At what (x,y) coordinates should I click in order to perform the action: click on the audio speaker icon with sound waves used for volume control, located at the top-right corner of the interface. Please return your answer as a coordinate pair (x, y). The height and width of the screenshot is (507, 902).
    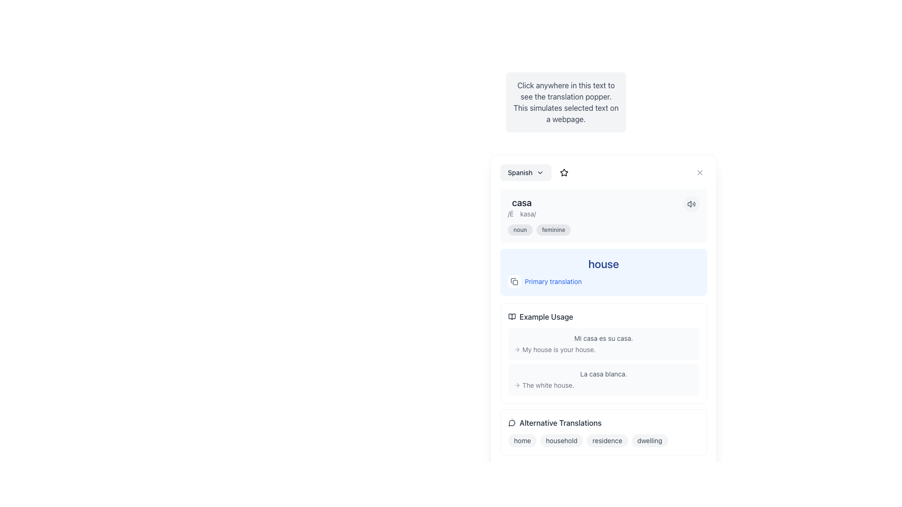
    Looking at the image, I should click on (692, 204).